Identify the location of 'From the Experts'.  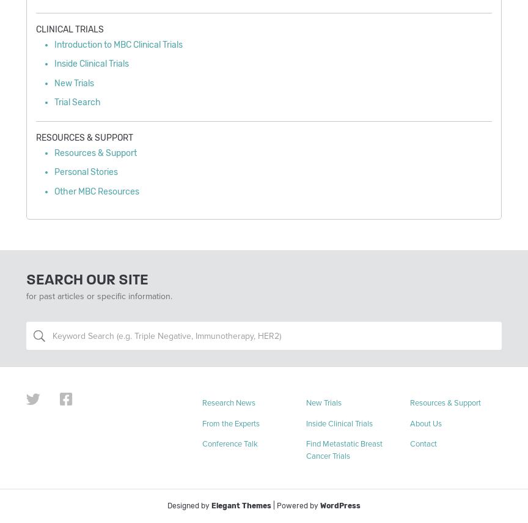
(230, 423).